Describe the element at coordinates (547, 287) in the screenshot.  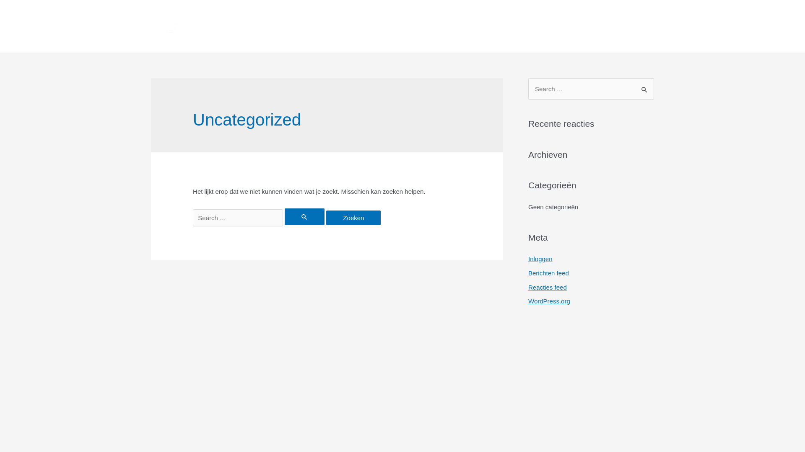
I see `'Reacties feed'` at that location.